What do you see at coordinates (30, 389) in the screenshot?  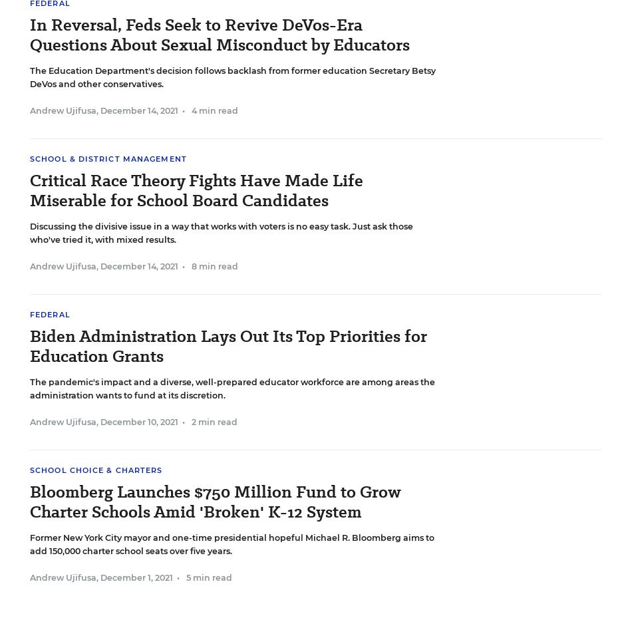 I see `'The pandemic's impact and a diverse, well-prepared educator workforce are among areas the administration wants to fund at its discretion.'` at bounding box center [30, 389].